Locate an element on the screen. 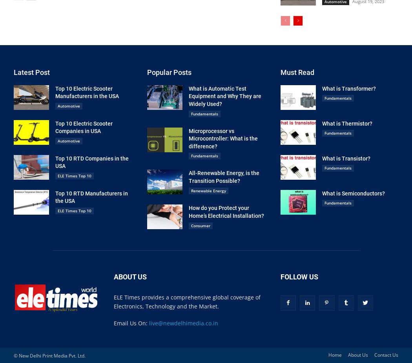 The width and height of the screenshot is (412, 363). 'Contact Us' is located at coordinates (386, 354).